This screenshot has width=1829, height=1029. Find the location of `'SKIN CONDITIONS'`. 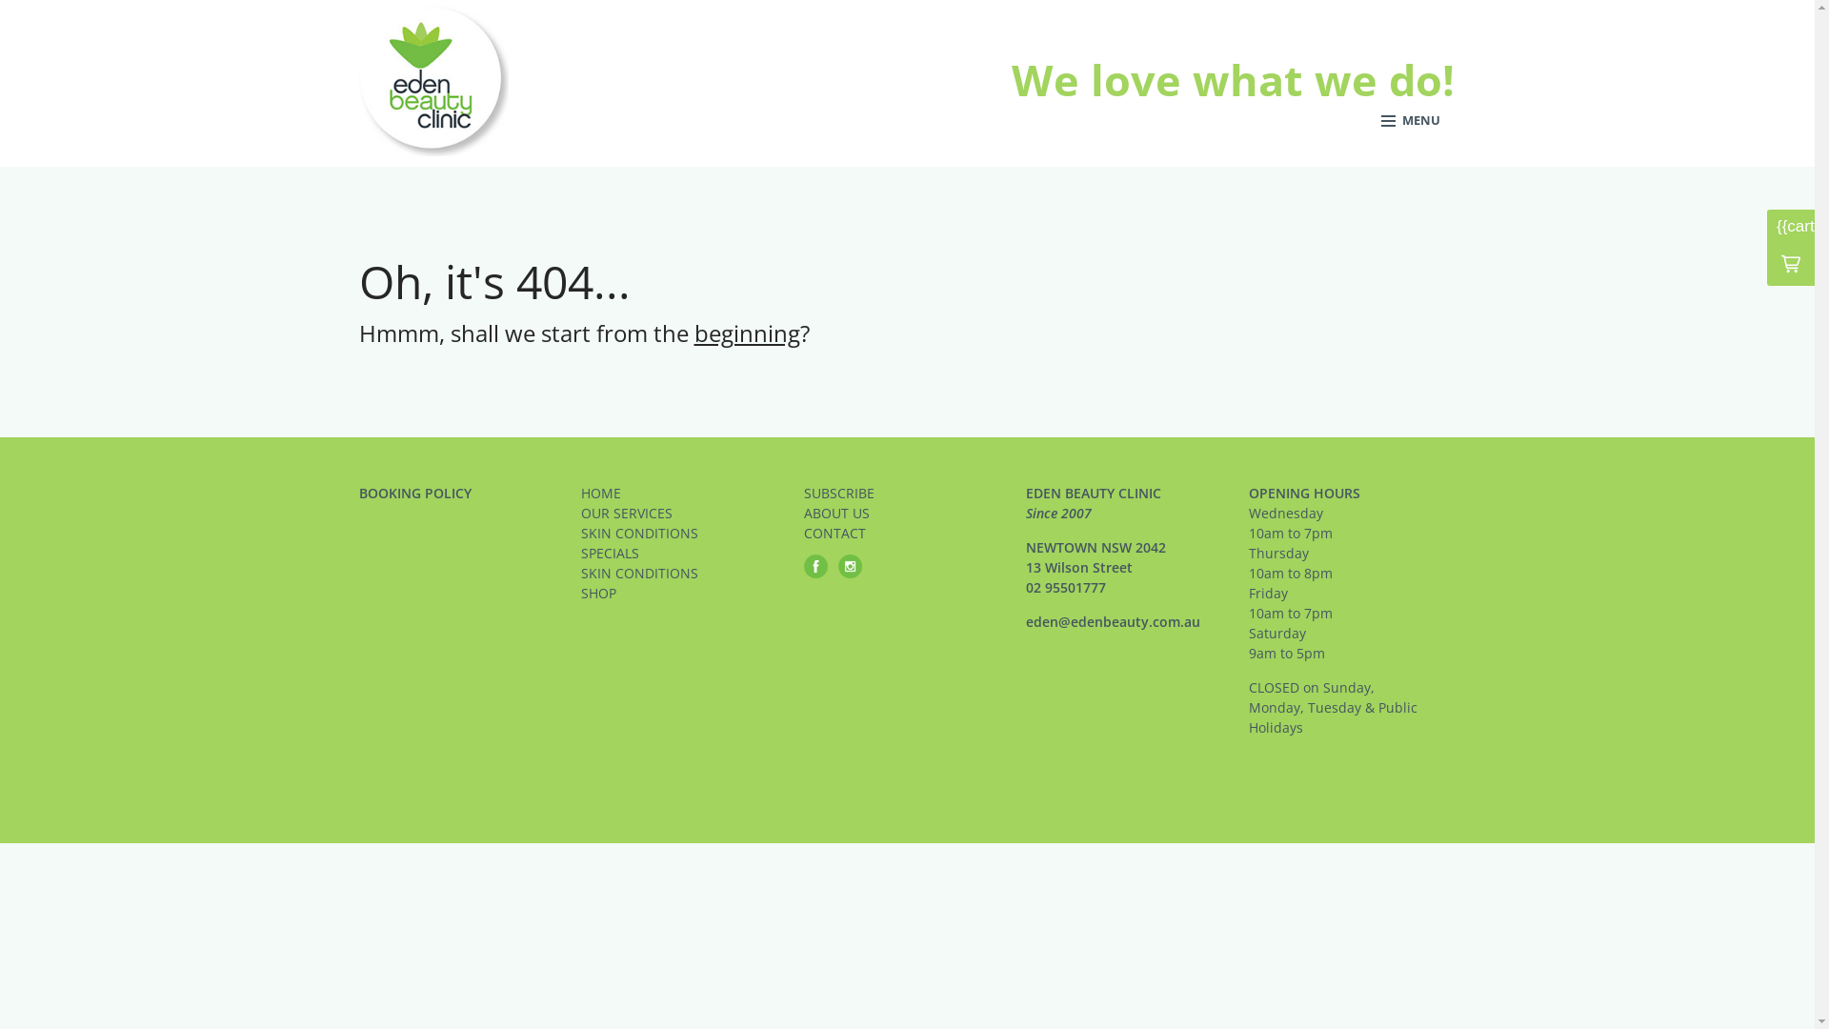

'SKIN CONDITIONS' is located at coordinates (685, 572).